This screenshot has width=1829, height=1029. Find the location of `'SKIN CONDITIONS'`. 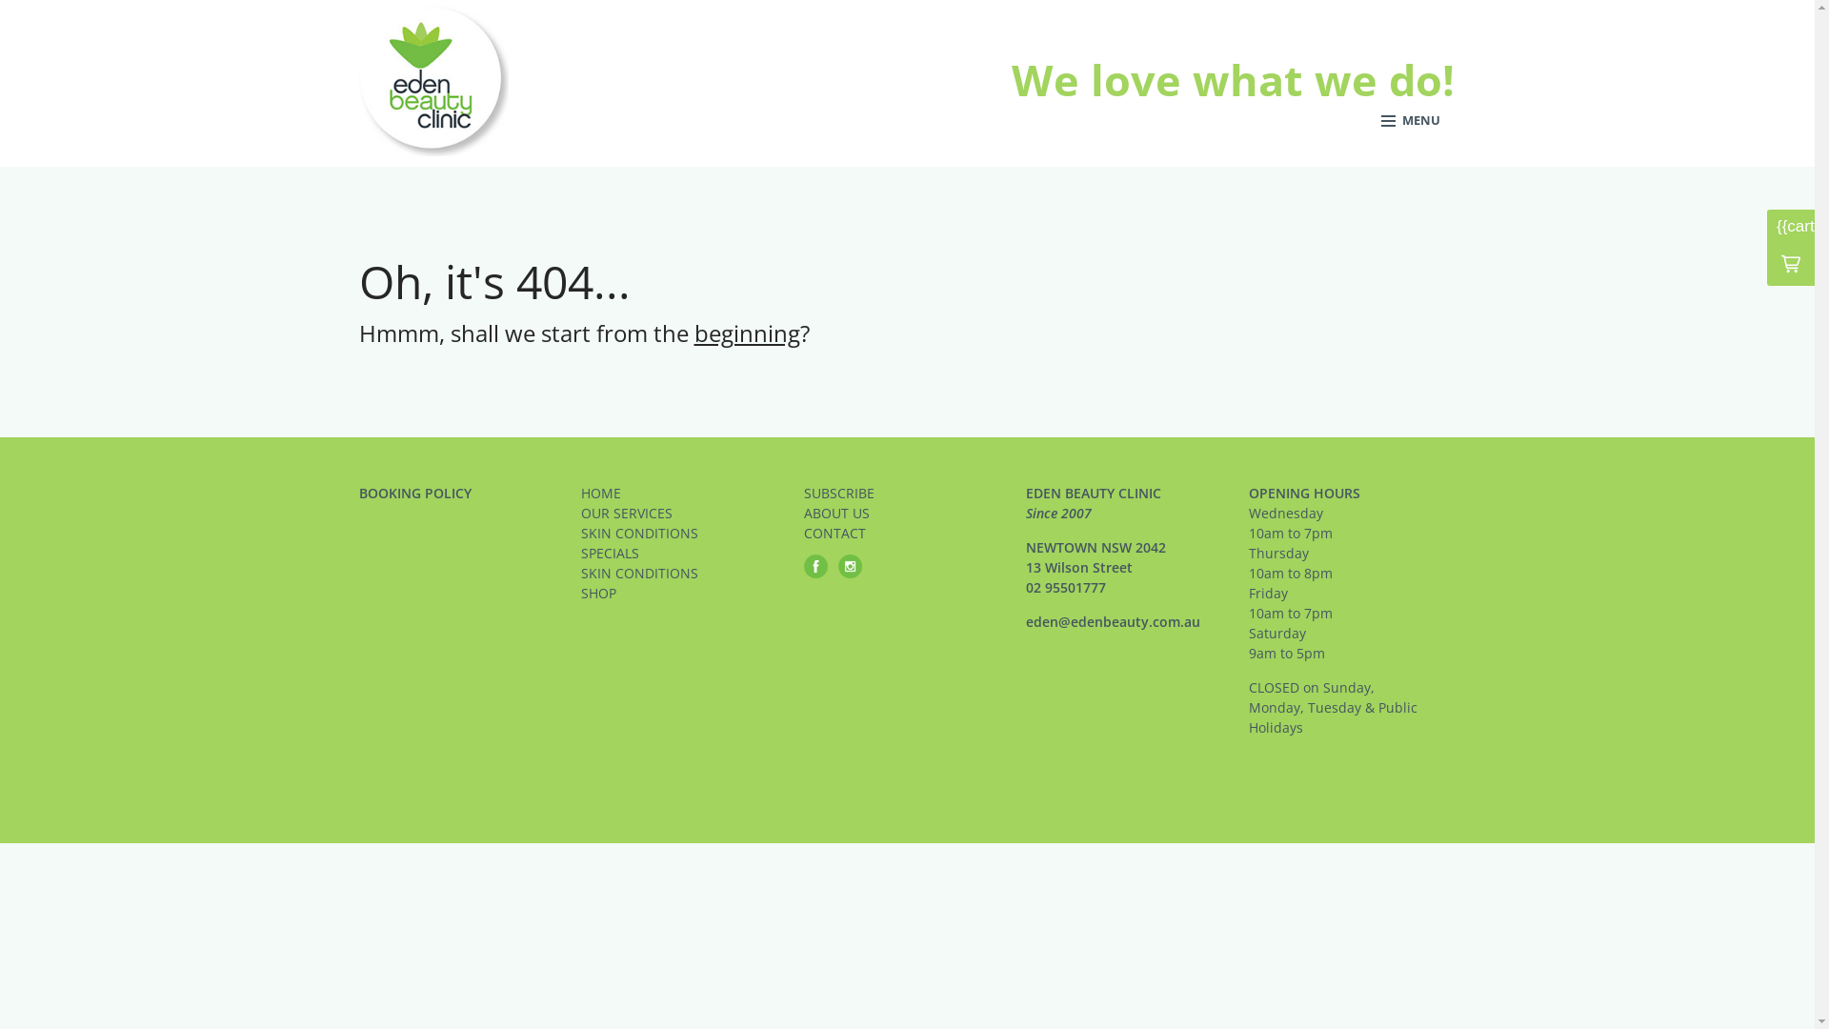

'SKIN CONDITIONS' is located at coordinates (685, 572).